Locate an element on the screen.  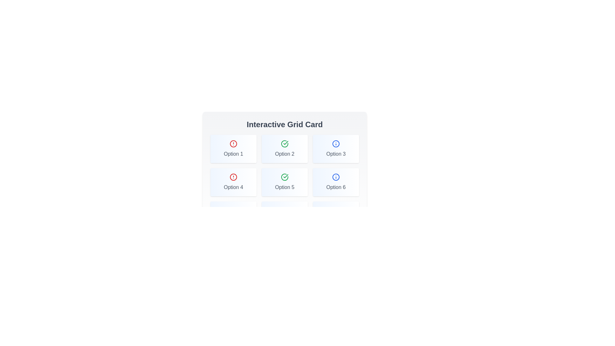
the interactive card labeled 'Option 6' located in the second row and third column of the grid layout is located at coordinates (336, 182).